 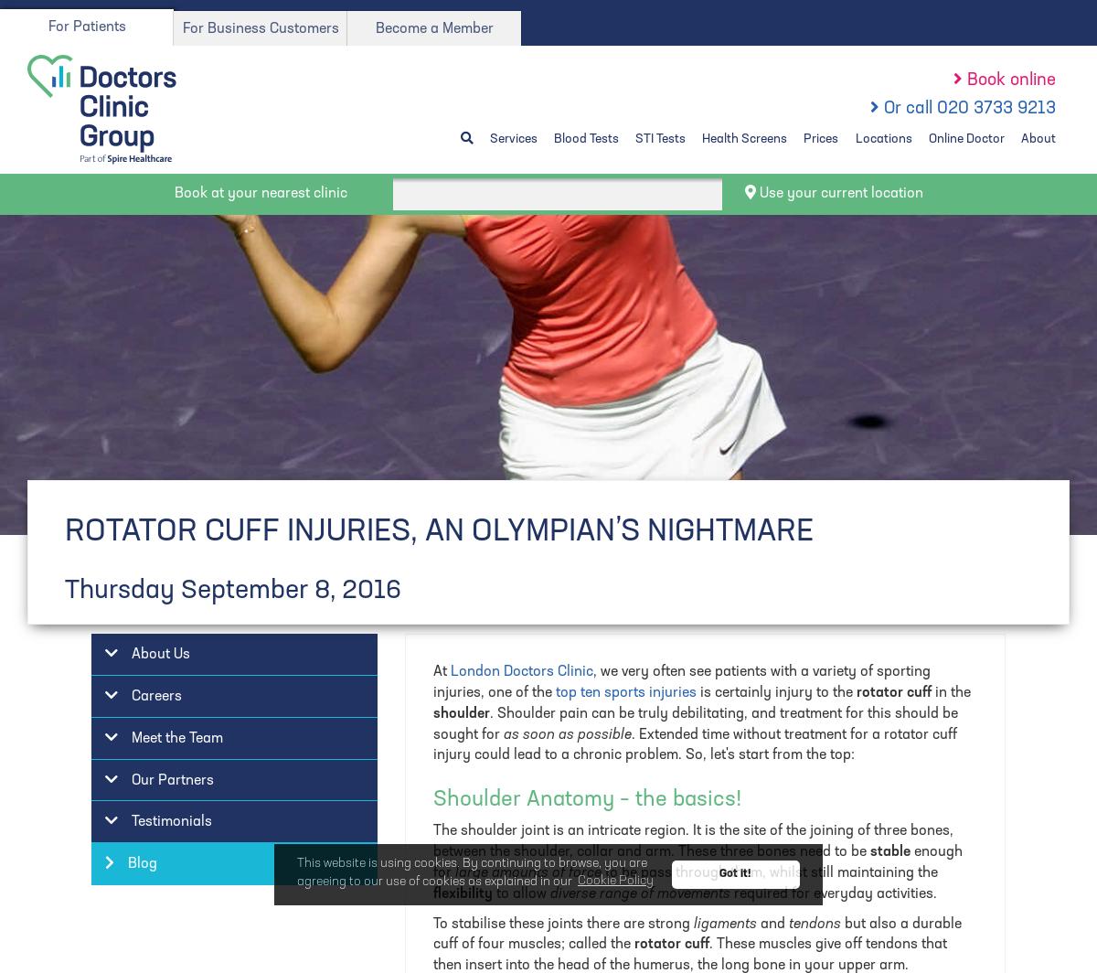 What do you see at coordinates (836, 893) in the screenshot?
I see `'required for everyday activities.'` at bounding box center [836, 893].